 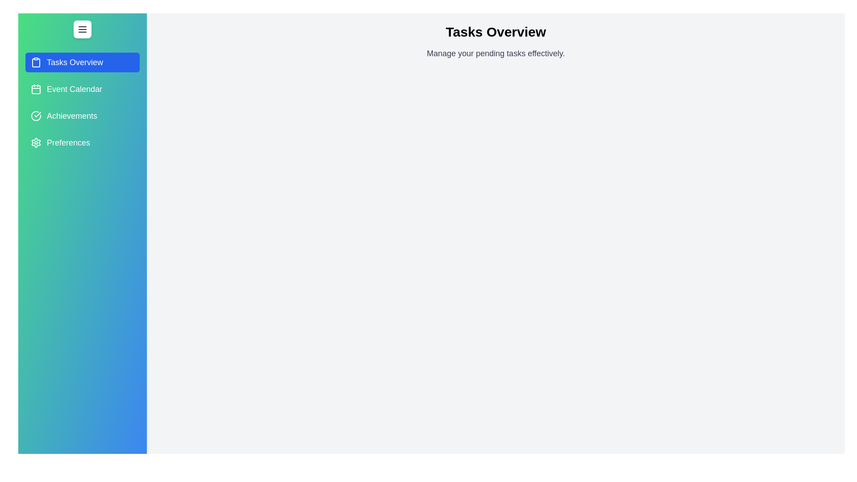 What do you see at coordinates (83, 62) in the screenshot?
I see `the tab Tasks Overview to preview its interaction effects` at bounding box center [83, 62].